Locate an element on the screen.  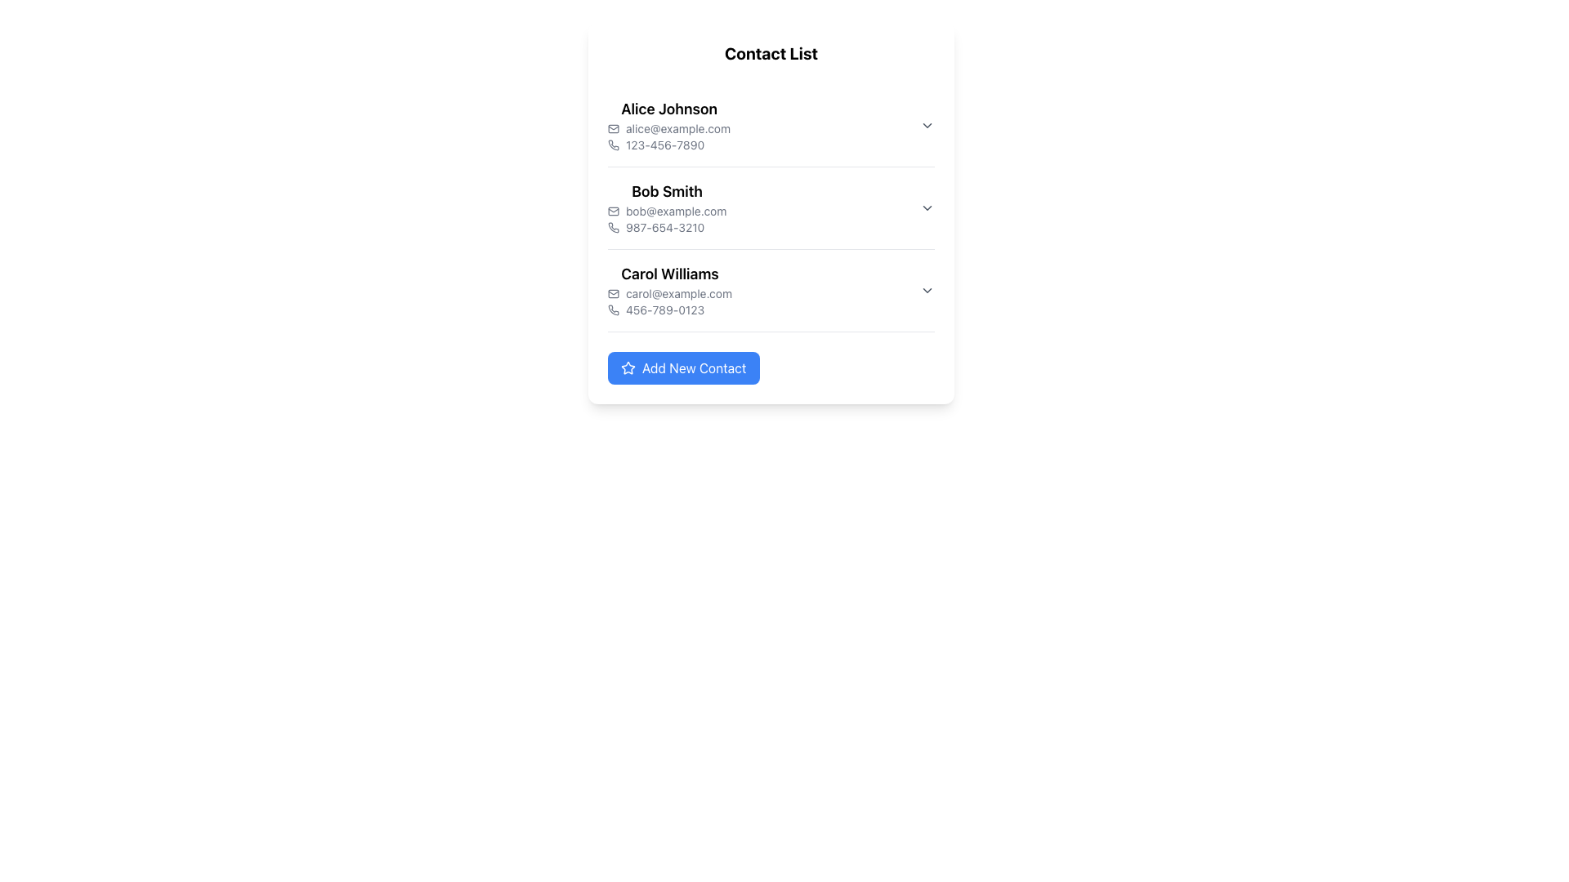
the email address of the contact 'Bob Smith' is located at coordinates (667, 210).